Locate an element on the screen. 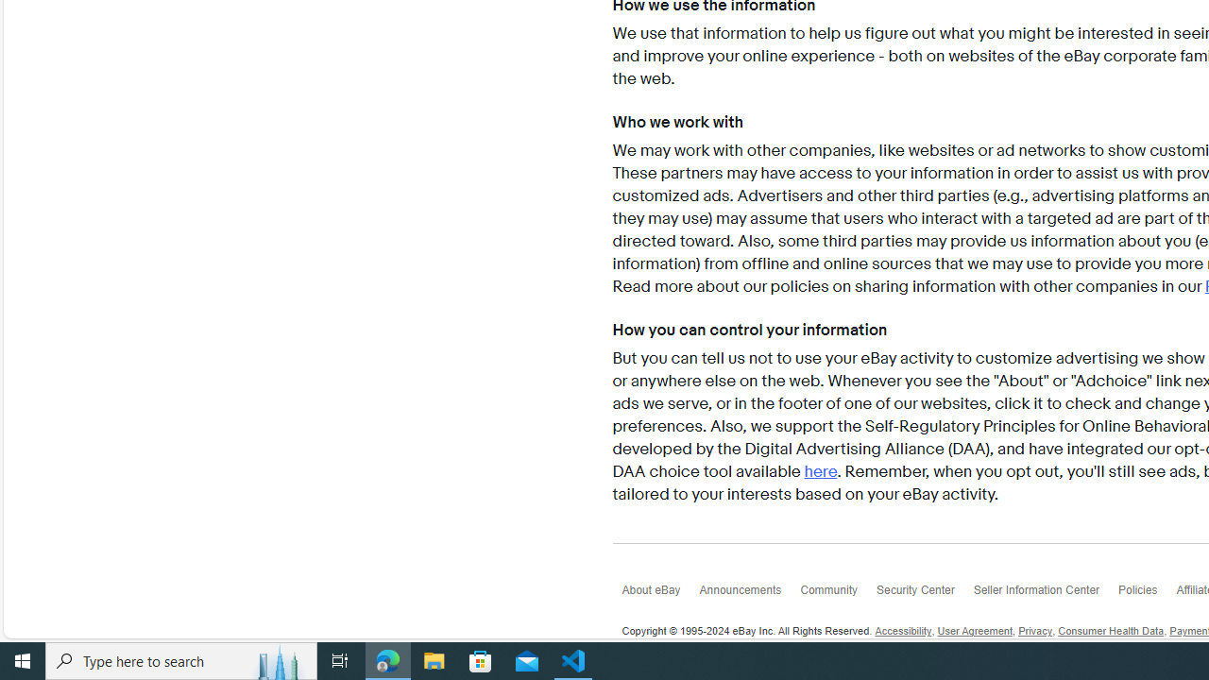  'Community' is located at coordinates (837, 593).